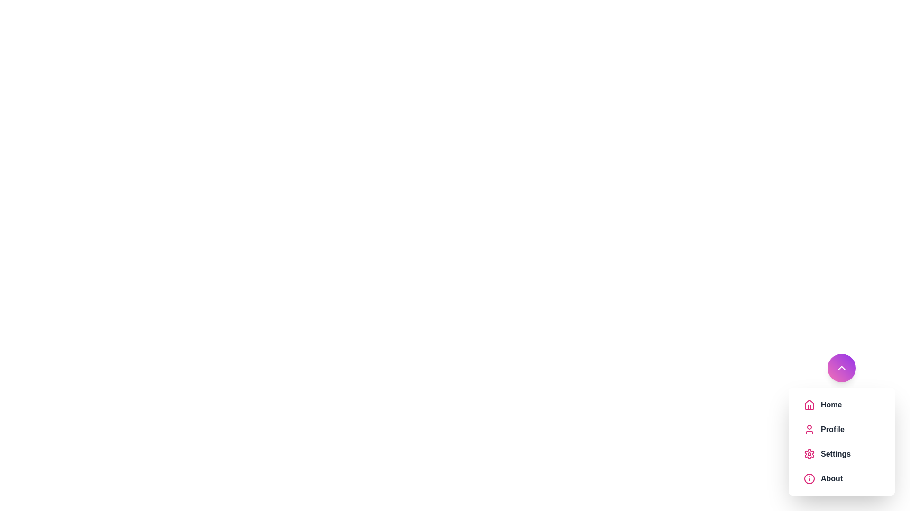 The width and height of the screenshot is (910, 511). I want to click on the menu item labeled 'About' to observe the visual feedback, so click(842, 478).